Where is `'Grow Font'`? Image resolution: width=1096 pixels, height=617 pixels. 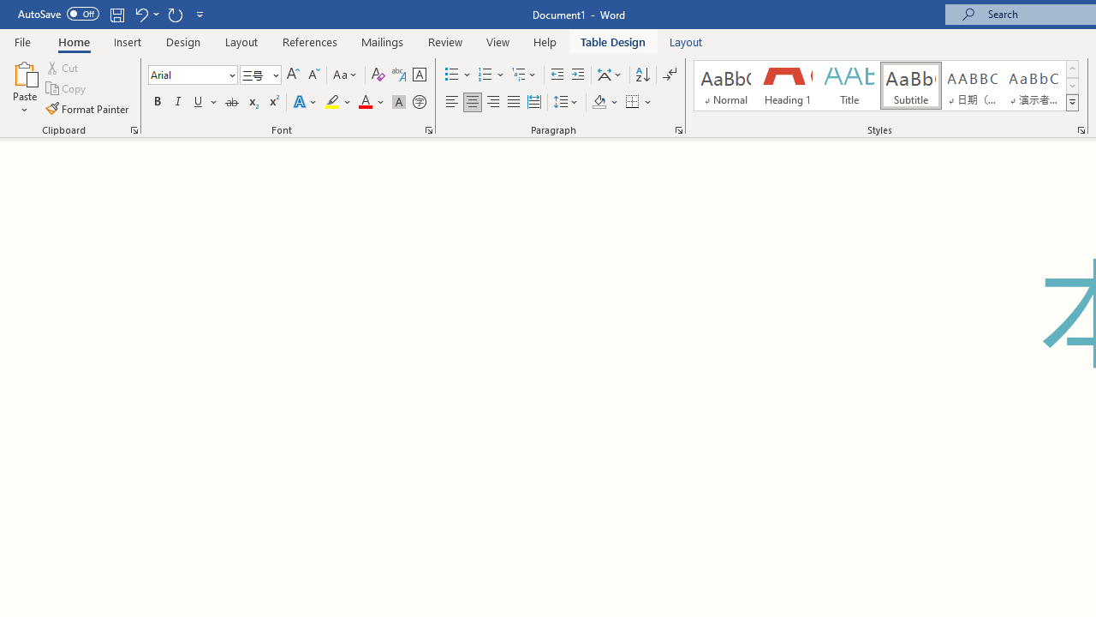
'Grow Font' is located at coordinates (293, 74).